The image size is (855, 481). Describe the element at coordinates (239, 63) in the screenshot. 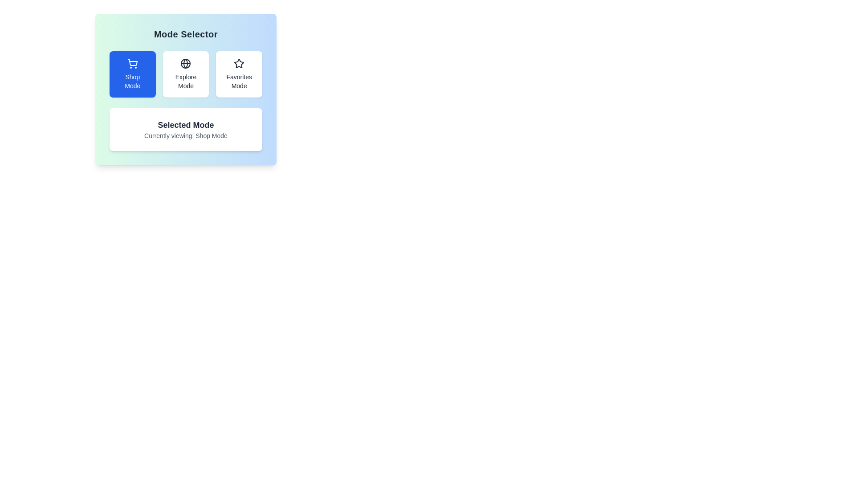

I see `the star icon with a hollow interior and black outline, located inside the 'Favorites Mode' button of the 'Mode Selector' component` at that location.